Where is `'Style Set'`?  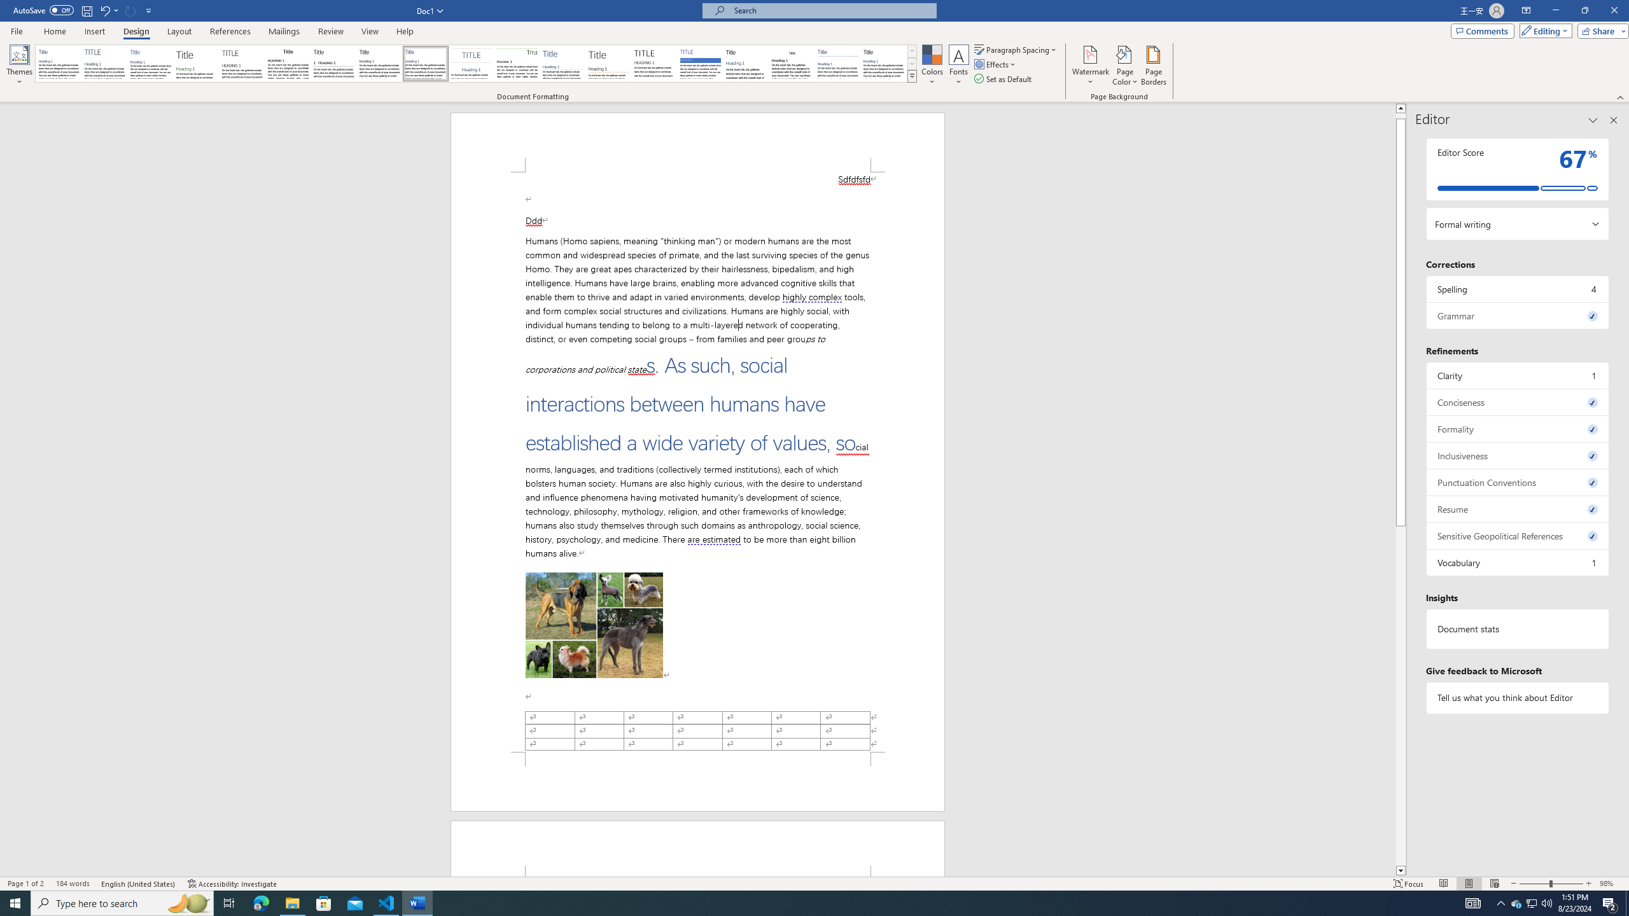 'Style Set' is located at coordinates (911, 75).